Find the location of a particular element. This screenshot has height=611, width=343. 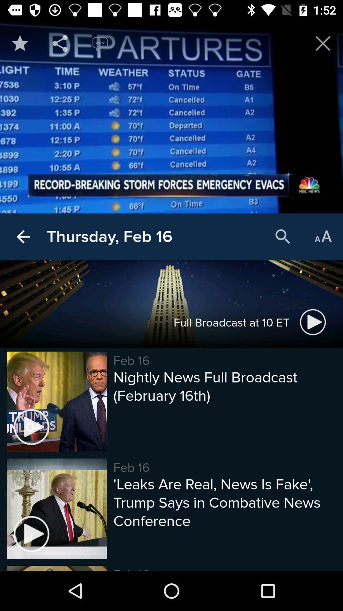

the share icon is located at coordinates (60, 43).